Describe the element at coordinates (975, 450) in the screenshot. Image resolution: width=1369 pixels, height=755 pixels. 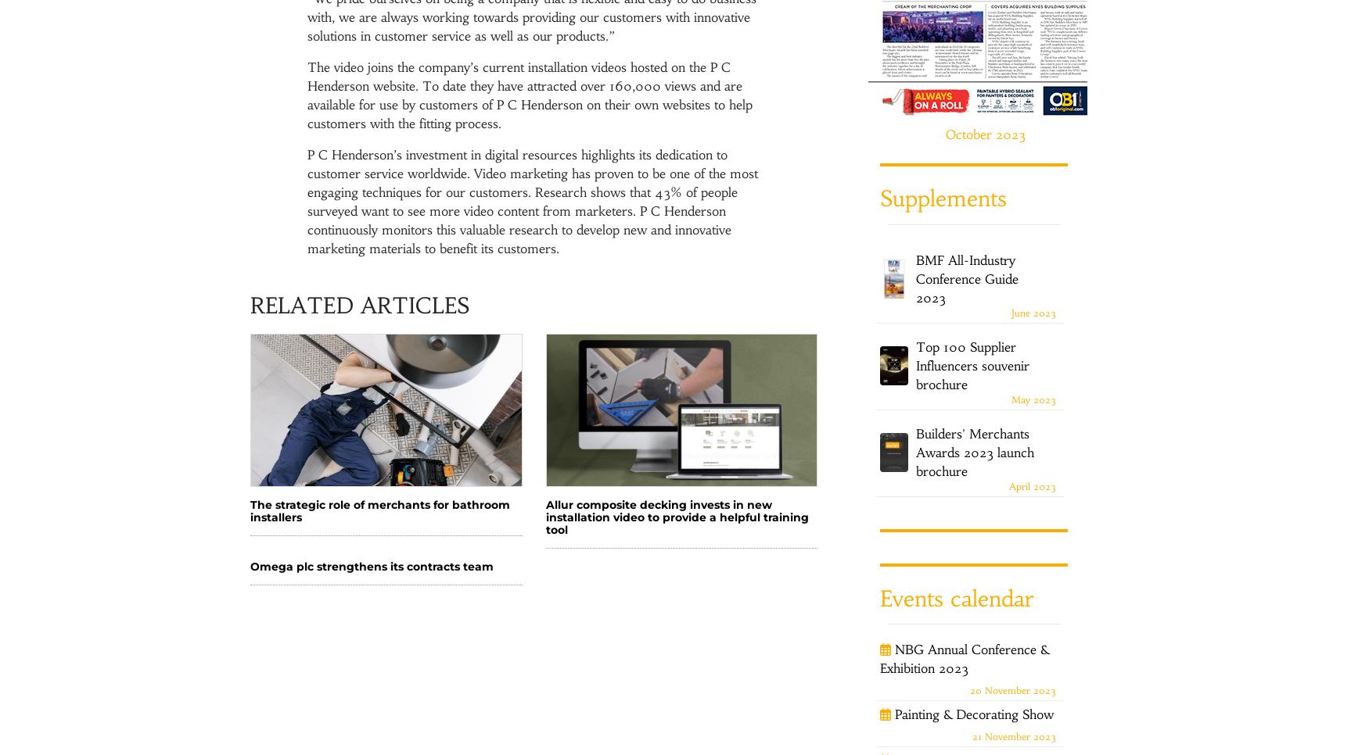
I see `'Builders' Merchants Awards 2023 launch brochure'` at that location.